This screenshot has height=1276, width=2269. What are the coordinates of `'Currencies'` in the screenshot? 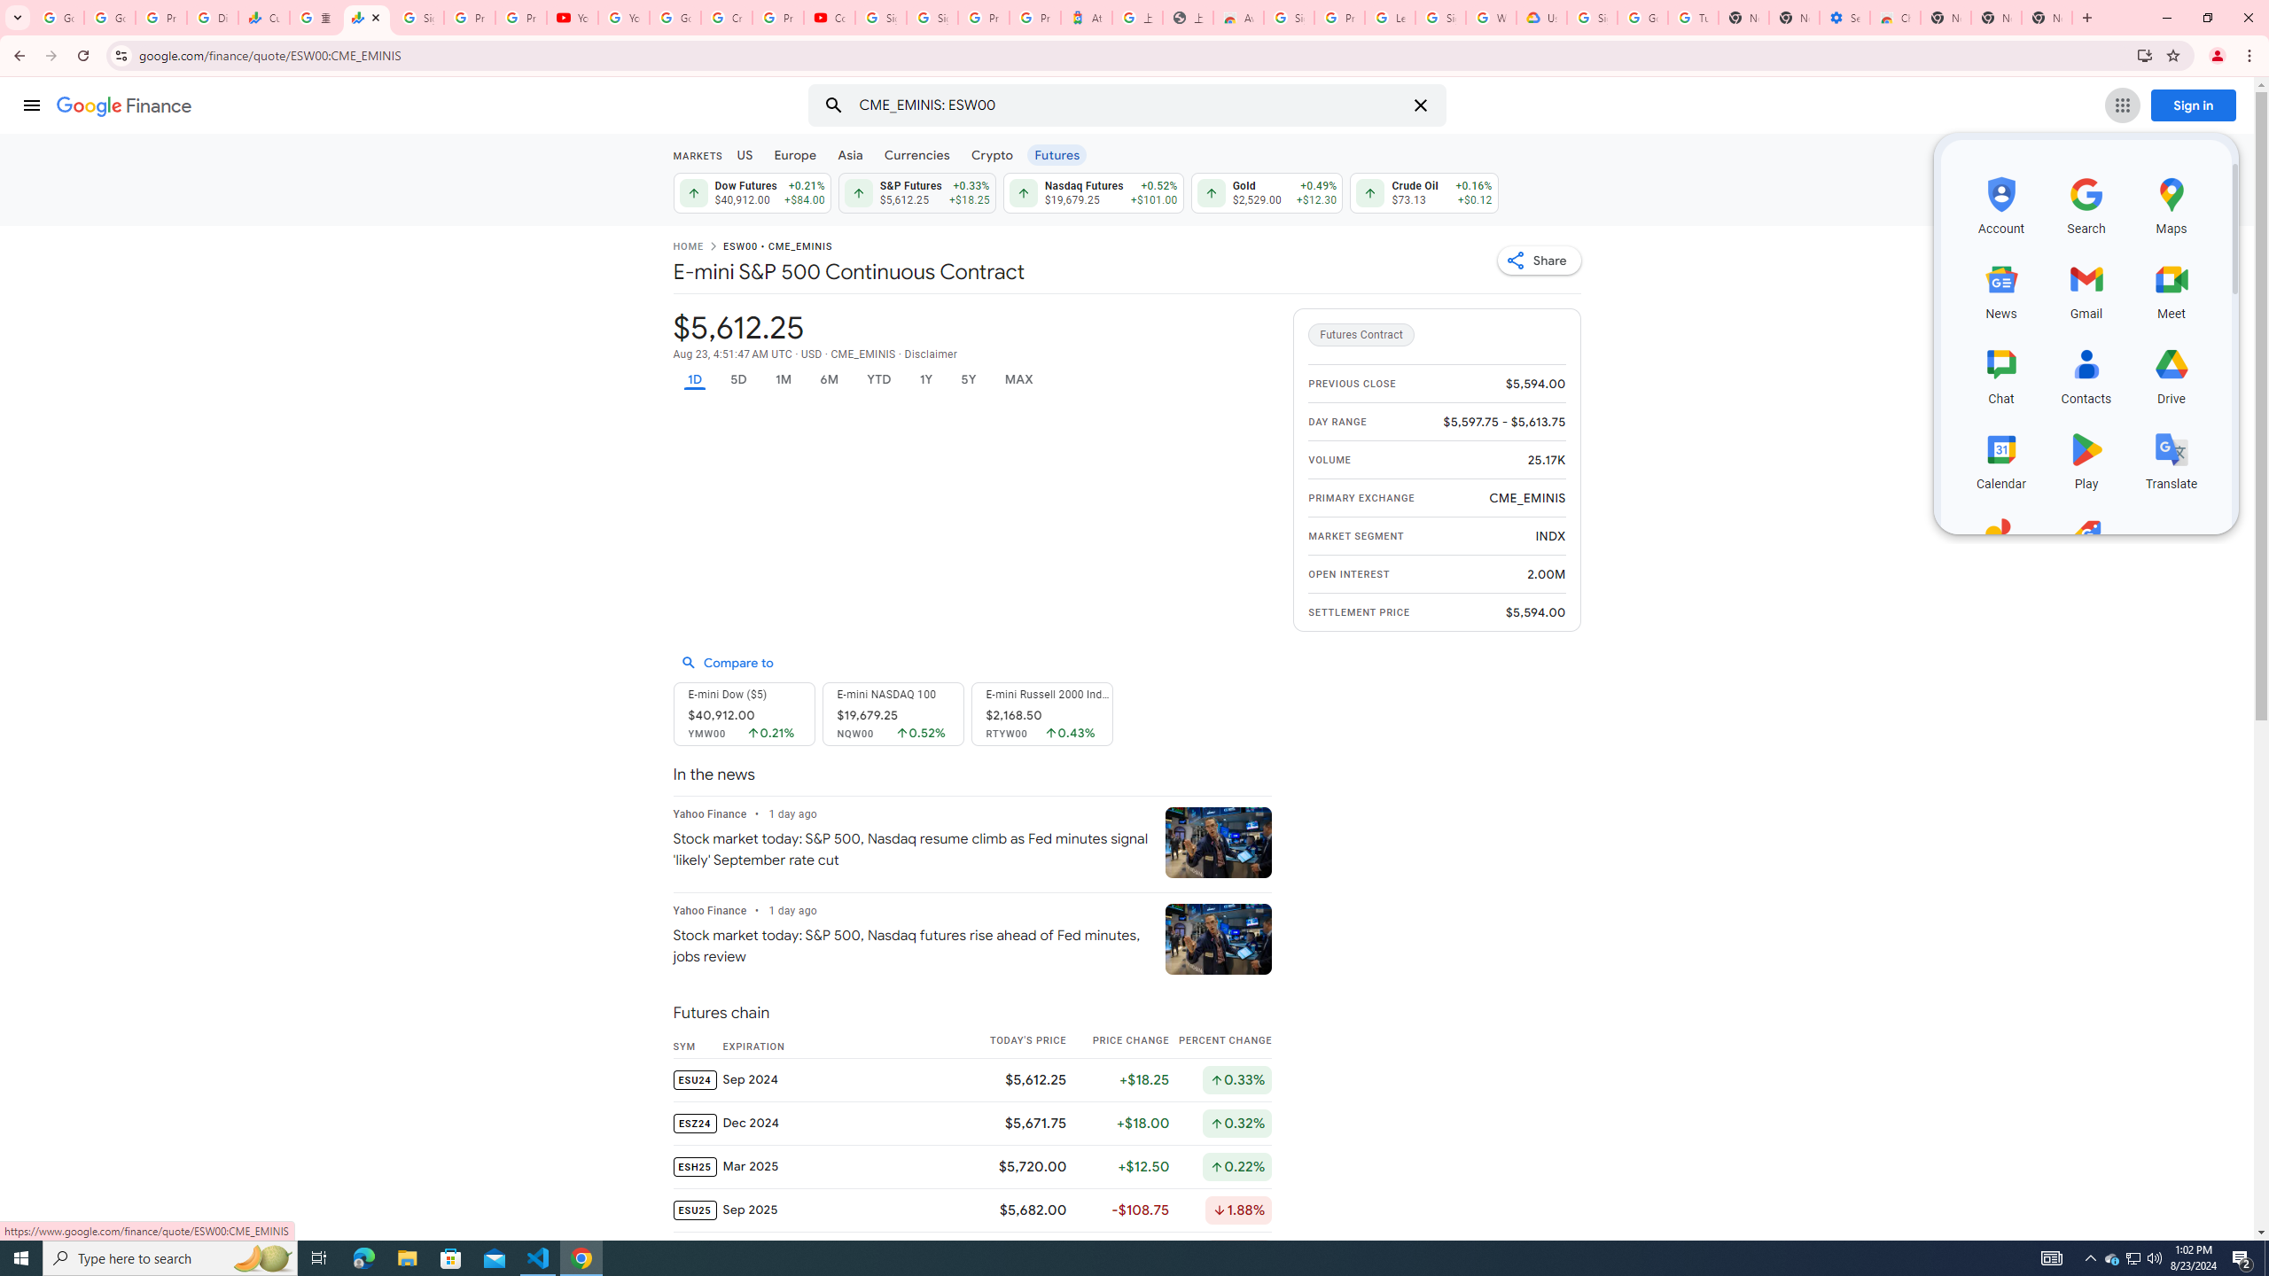 It's located at (916, 153).